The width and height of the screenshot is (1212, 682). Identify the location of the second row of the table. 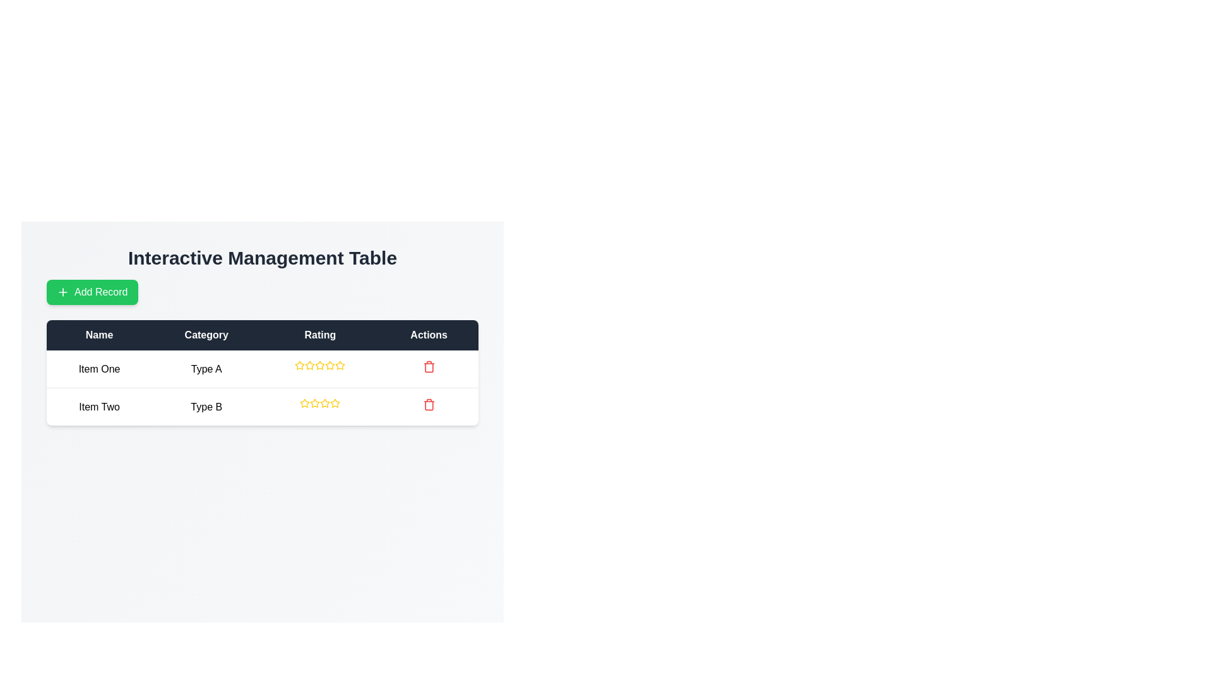
(262, 407).